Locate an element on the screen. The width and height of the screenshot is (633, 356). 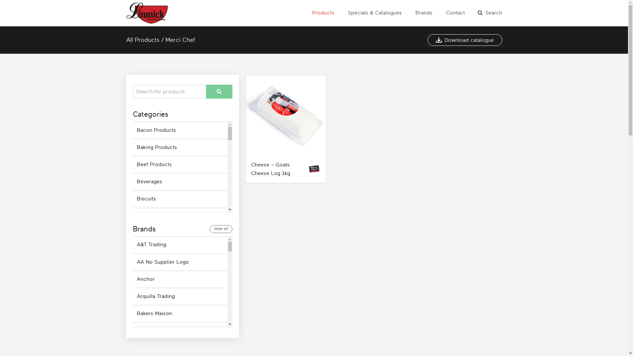
'Brands' is located at coordinates (424, 13).